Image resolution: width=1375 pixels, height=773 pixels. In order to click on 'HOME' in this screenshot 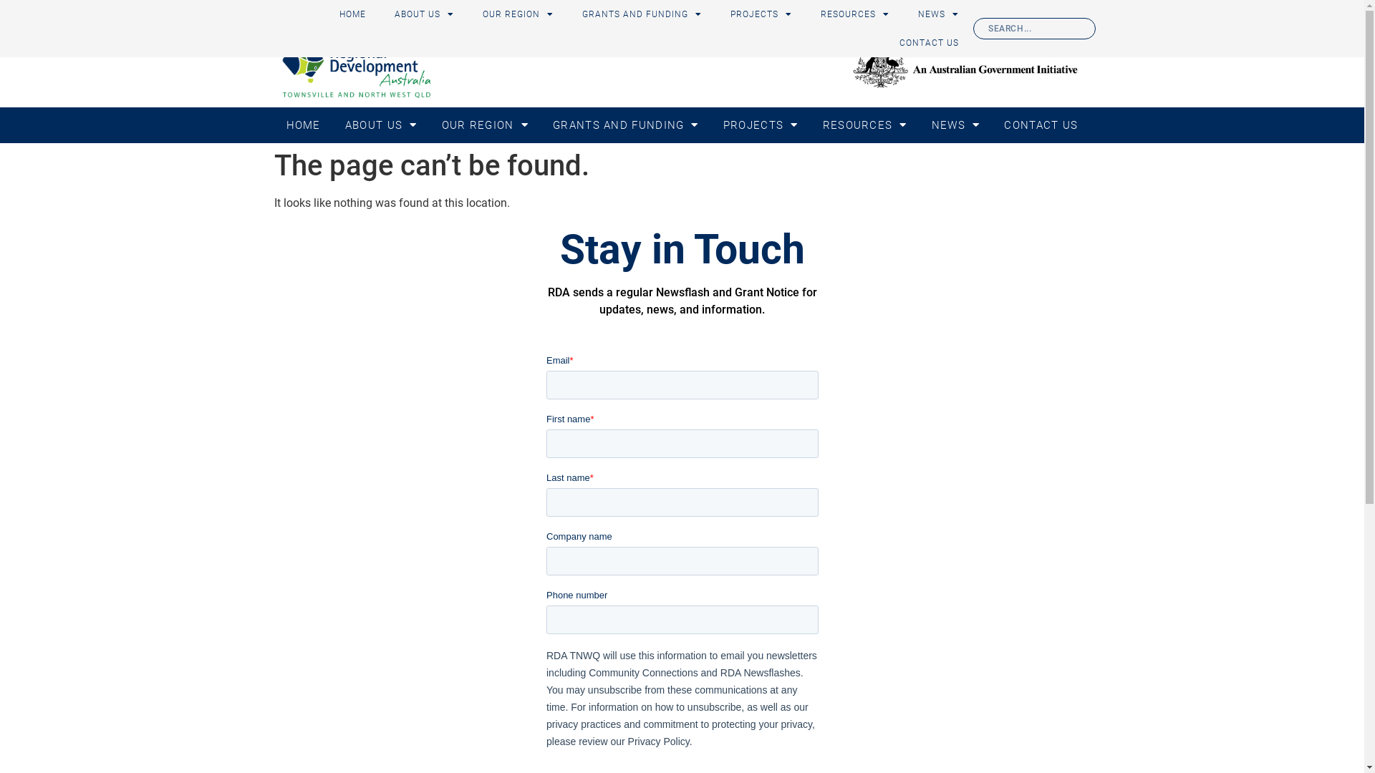, I will do `click(352, 14)`.